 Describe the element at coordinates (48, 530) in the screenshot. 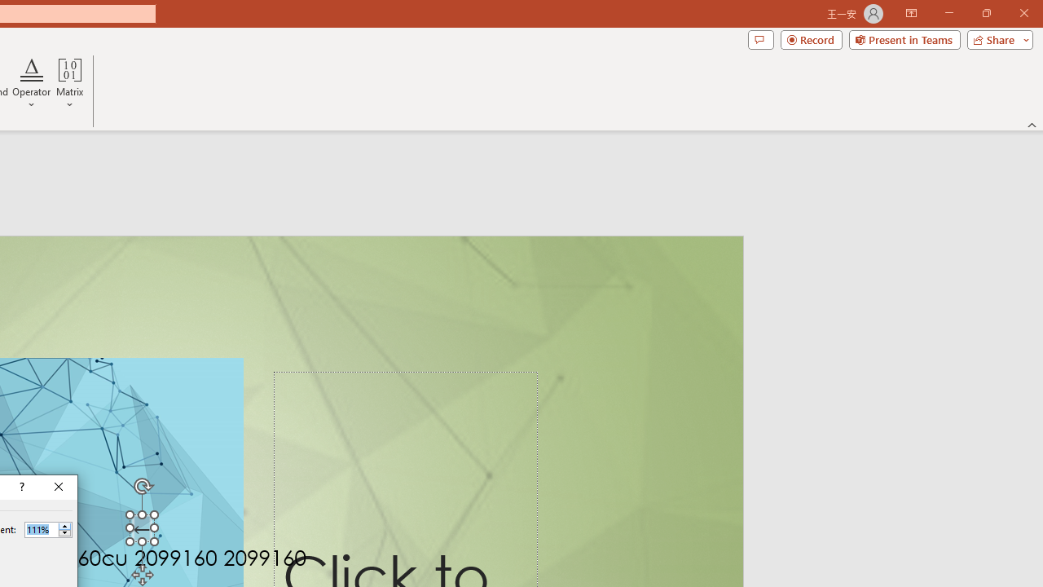

I see `'Percent'` at that location.